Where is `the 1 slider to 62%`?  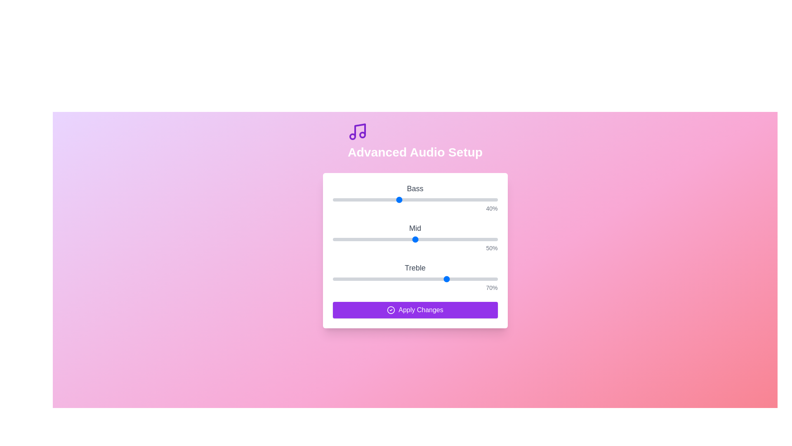
the 1 slider to 62% is located at coordinates (434, 239).